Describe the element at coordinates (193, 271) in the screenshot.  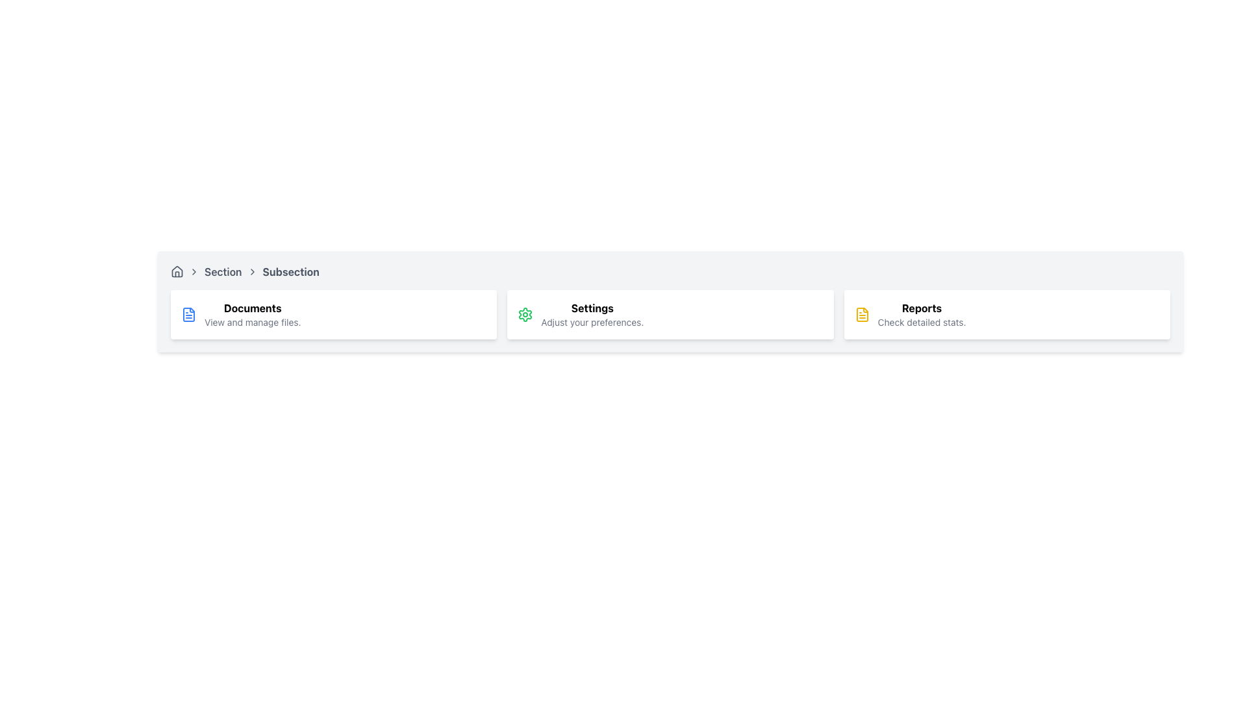
I see `the right-facing chevron icon in the breadcrumb navigation bar, which is the second icon in the sequence, positioned between the house icon and the text 'Section'` at that location.